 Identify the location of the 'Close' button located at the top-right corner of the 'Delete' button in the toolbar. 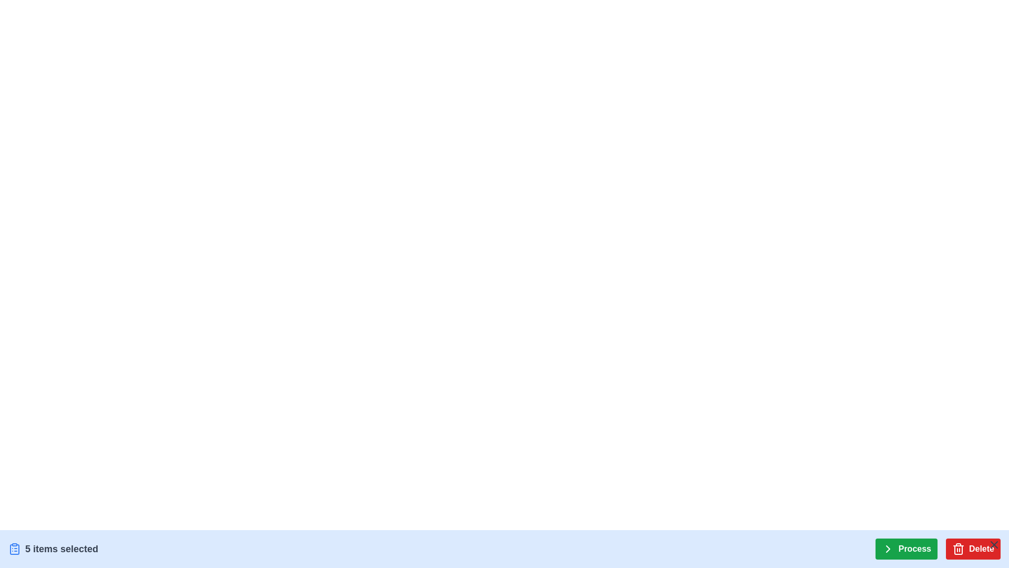
(993, 544).